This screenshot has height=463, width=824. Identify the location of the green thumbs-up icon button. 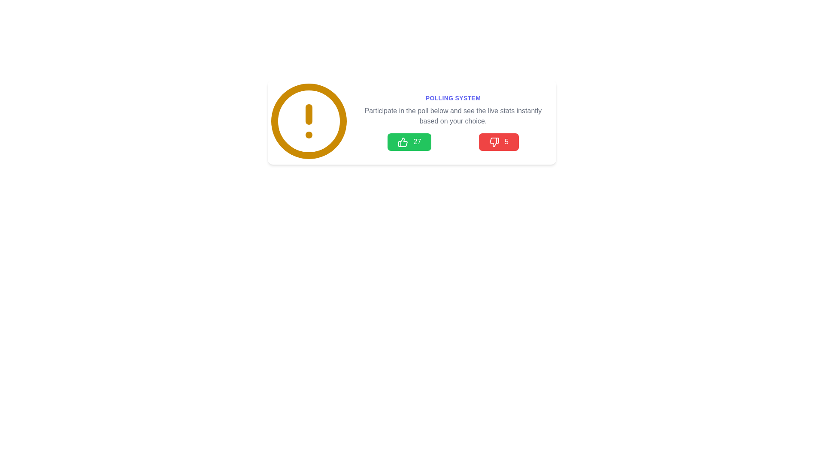
(403, 141).